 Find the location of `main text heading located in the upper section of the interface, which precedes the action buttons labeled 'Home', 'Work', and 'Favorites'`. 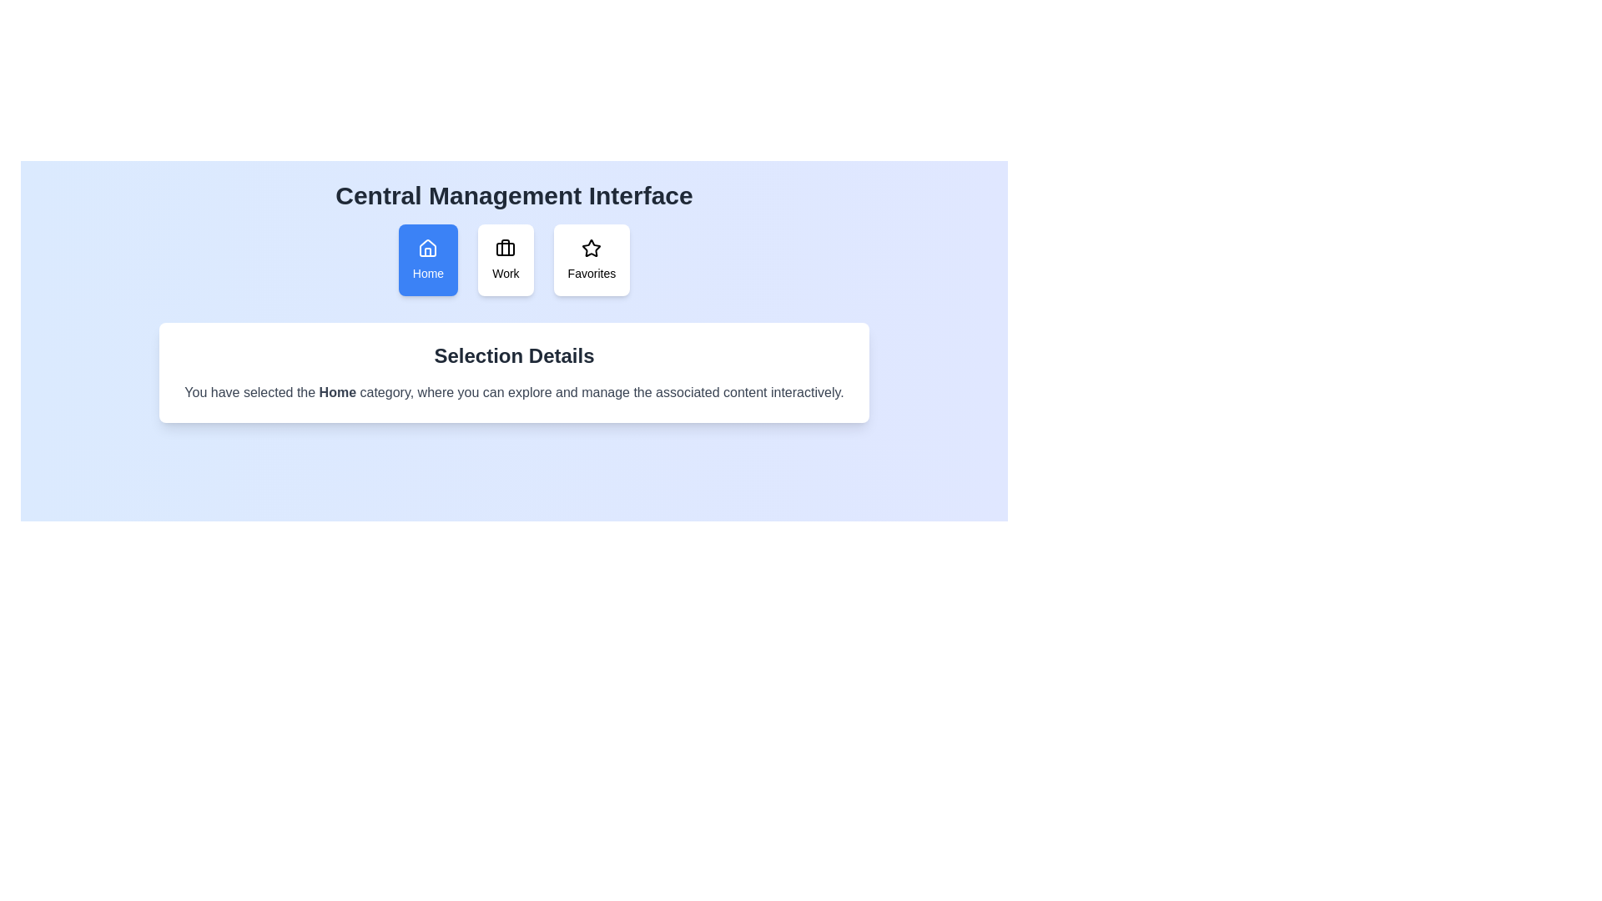

main text heading located in the upper section of the interface, which precedes the action buttons labeled 'Home', 'Work', and 'Favorites' is located at coordinates (513, 195).